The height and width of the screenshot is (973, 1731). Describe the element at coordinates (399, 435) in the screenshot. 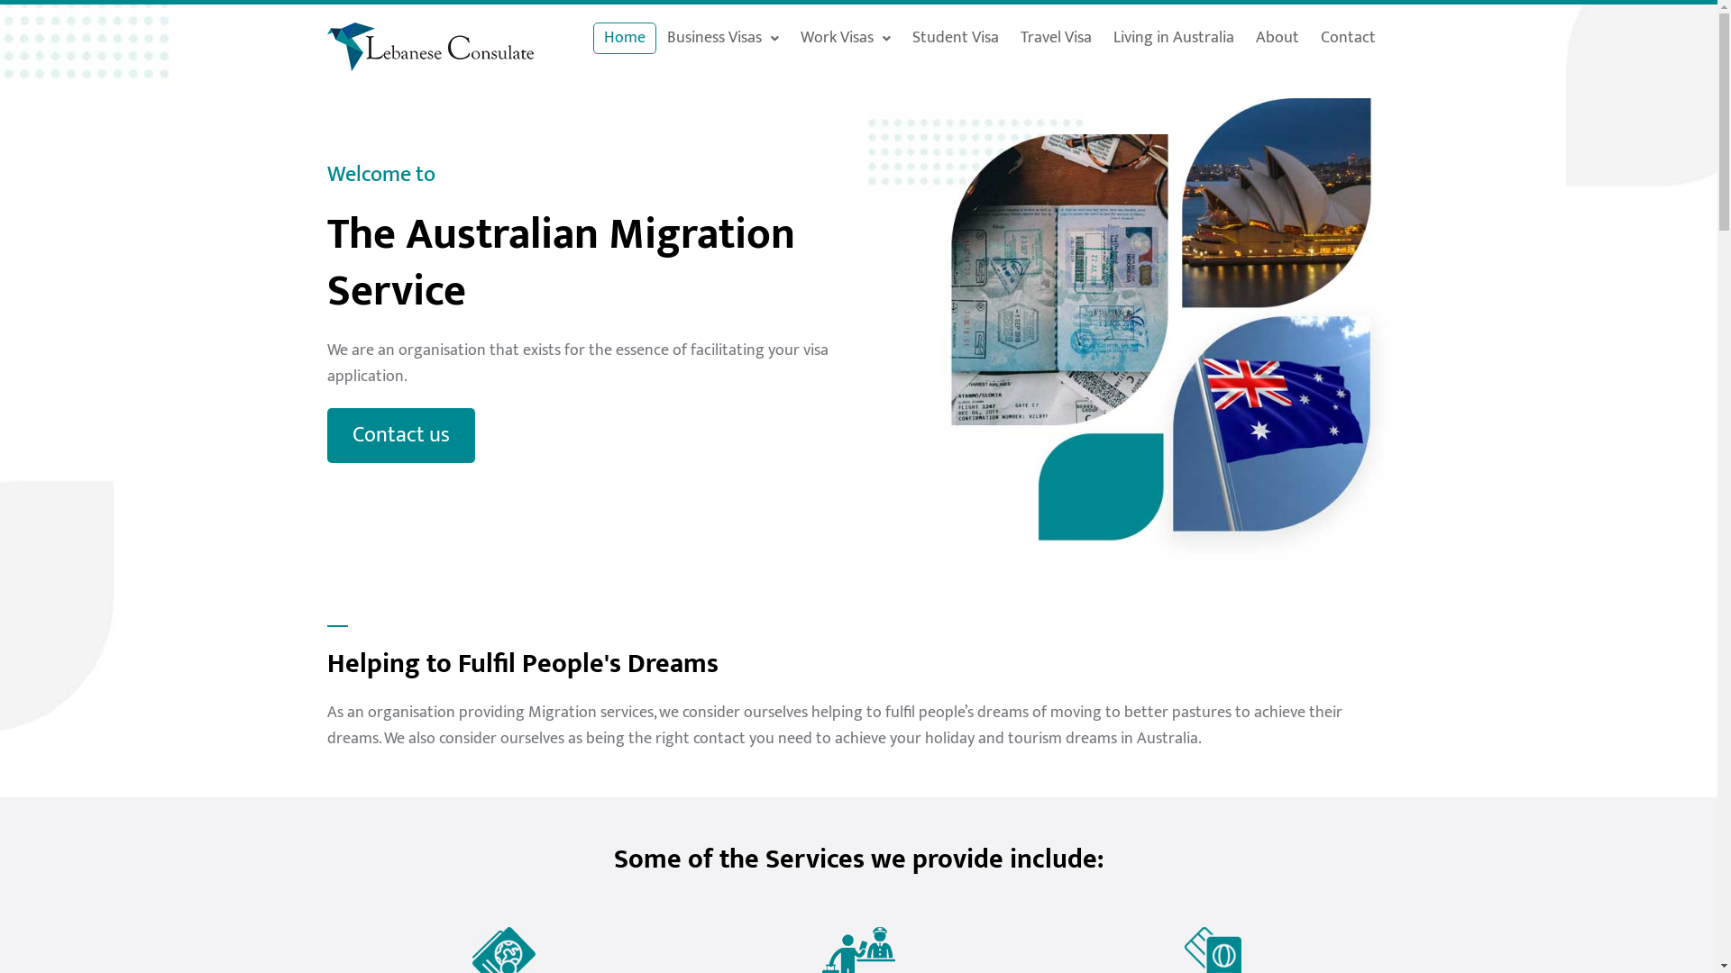

I see `'Contact us'` at that location.